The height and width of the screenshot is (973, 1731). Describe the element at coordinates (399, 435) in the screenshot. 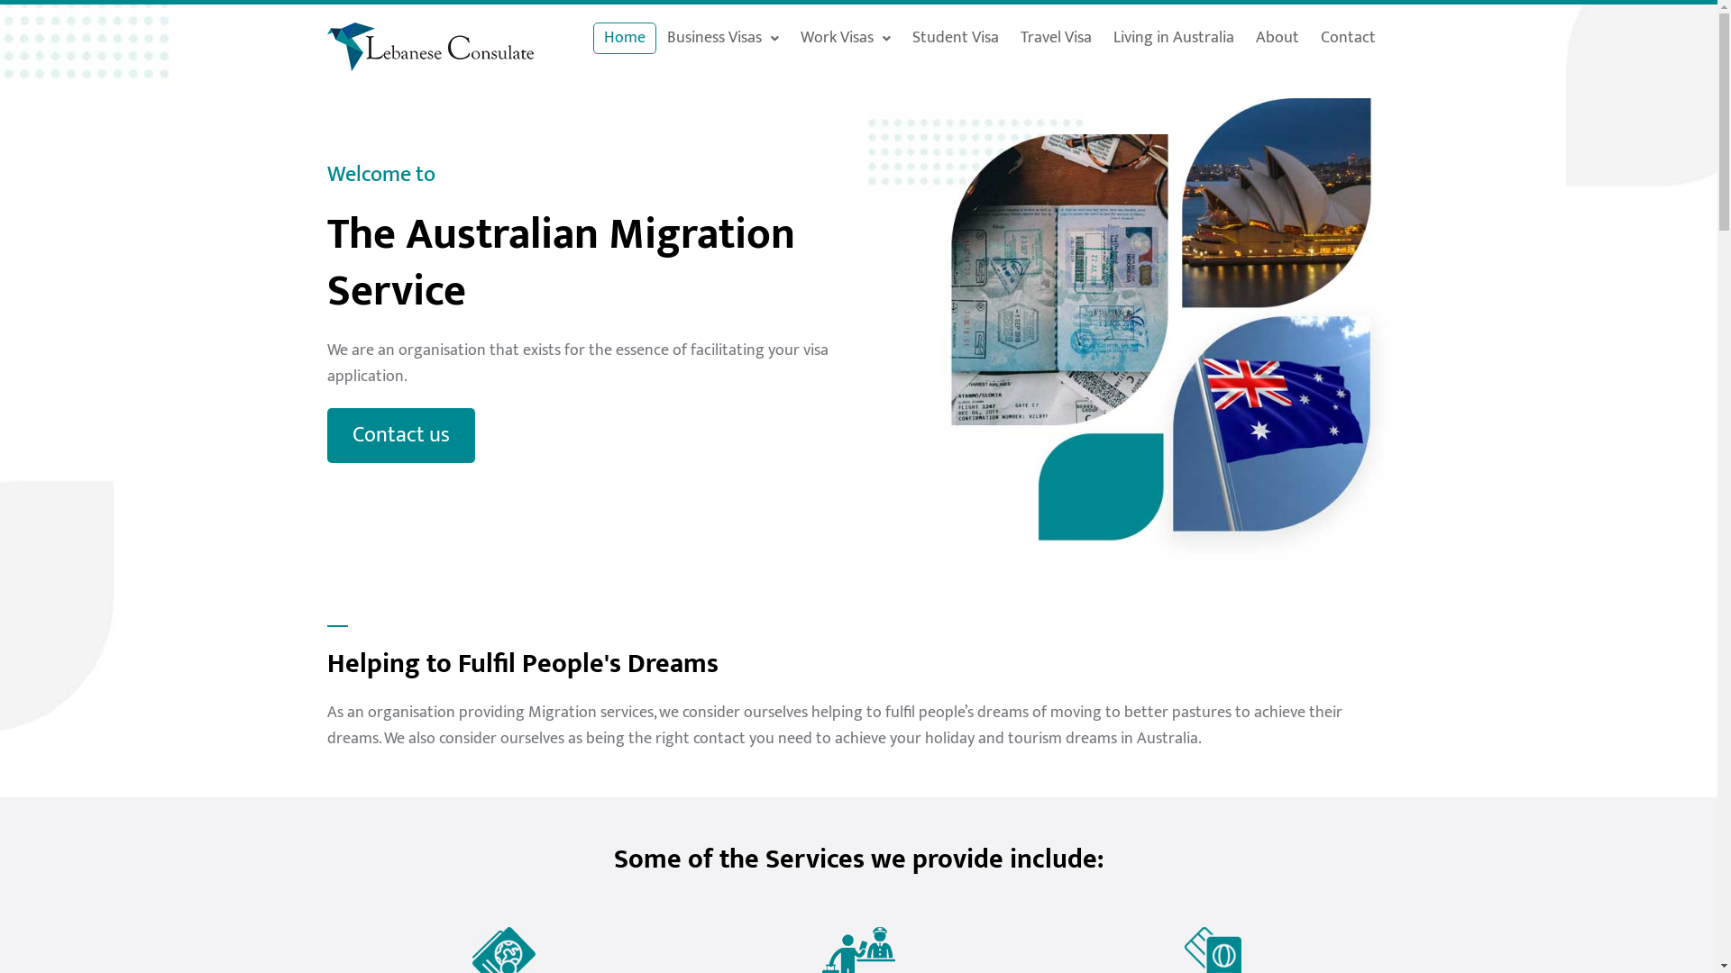

I see `'Contact us'` at that location.